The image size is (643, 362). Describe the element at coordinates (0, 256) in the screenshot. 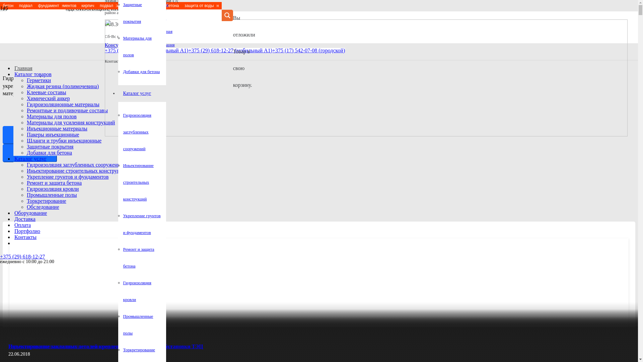

I see `'+375 (29) 618-12-27'` at that location.